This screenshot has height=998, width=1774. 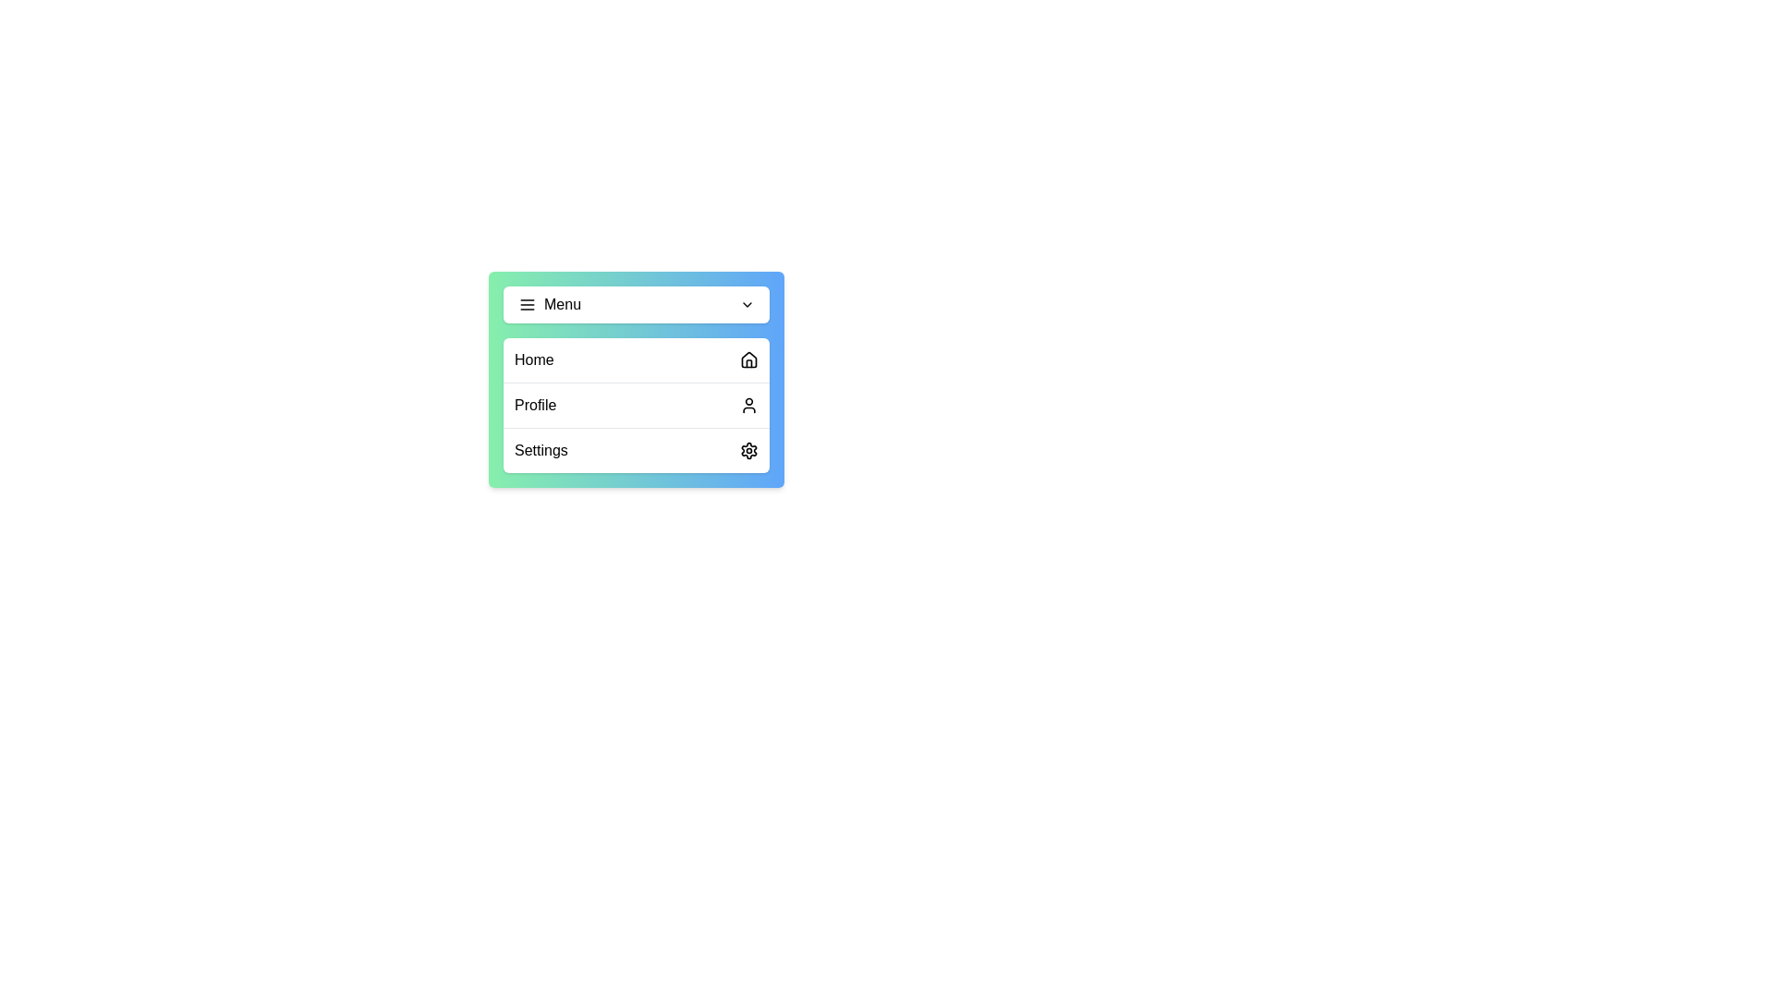 I want to click on the 'Settings' option in the dropdown menu, so click(x=637, y=450).